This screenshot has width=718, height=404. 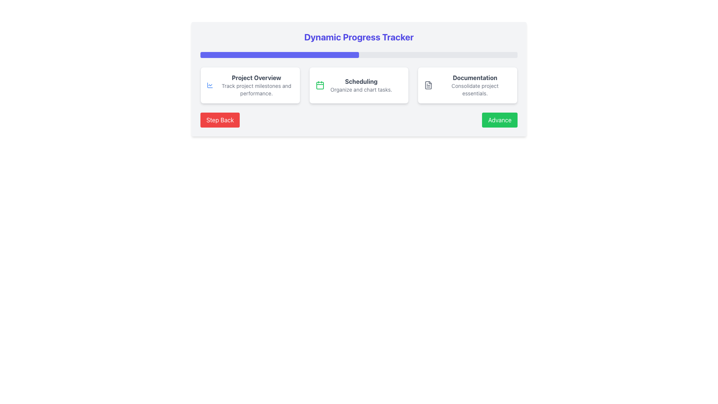 What do you see at coordinates (429, 85) in the screenshot?
I see `the main icon in the 'Documentation' card, located in the third column of the row of three cards in the center of the interface` at bounding box center [429, 85].